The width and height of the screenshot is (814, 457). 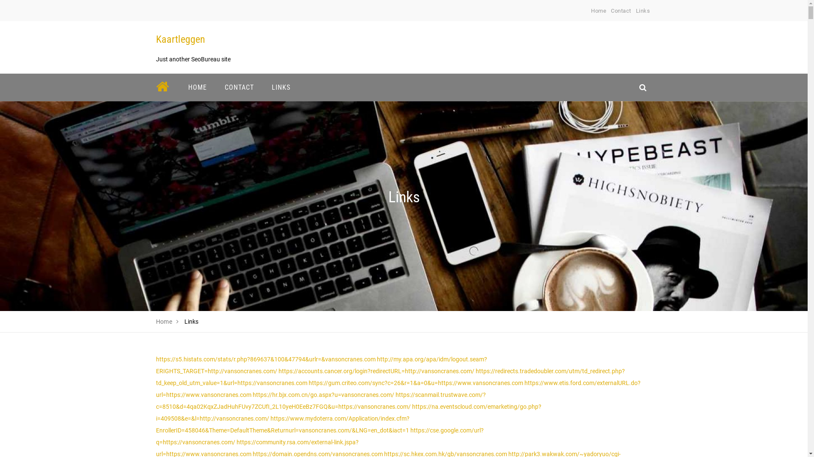 I want to click on 'Home', so click(x=156, y=321).